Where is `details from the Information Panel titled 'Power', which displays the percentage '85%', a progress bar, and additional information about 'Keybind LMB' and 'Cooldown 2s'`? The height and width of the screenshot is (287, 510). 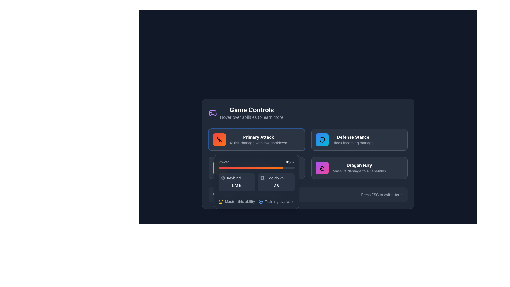
details from the Information Panel titled 'Power', which displays the percentage '85%', a progress bar, and additional information about 'Keybind LMB' and 'Cooldown 2s' is located at coordinates (256, 181).